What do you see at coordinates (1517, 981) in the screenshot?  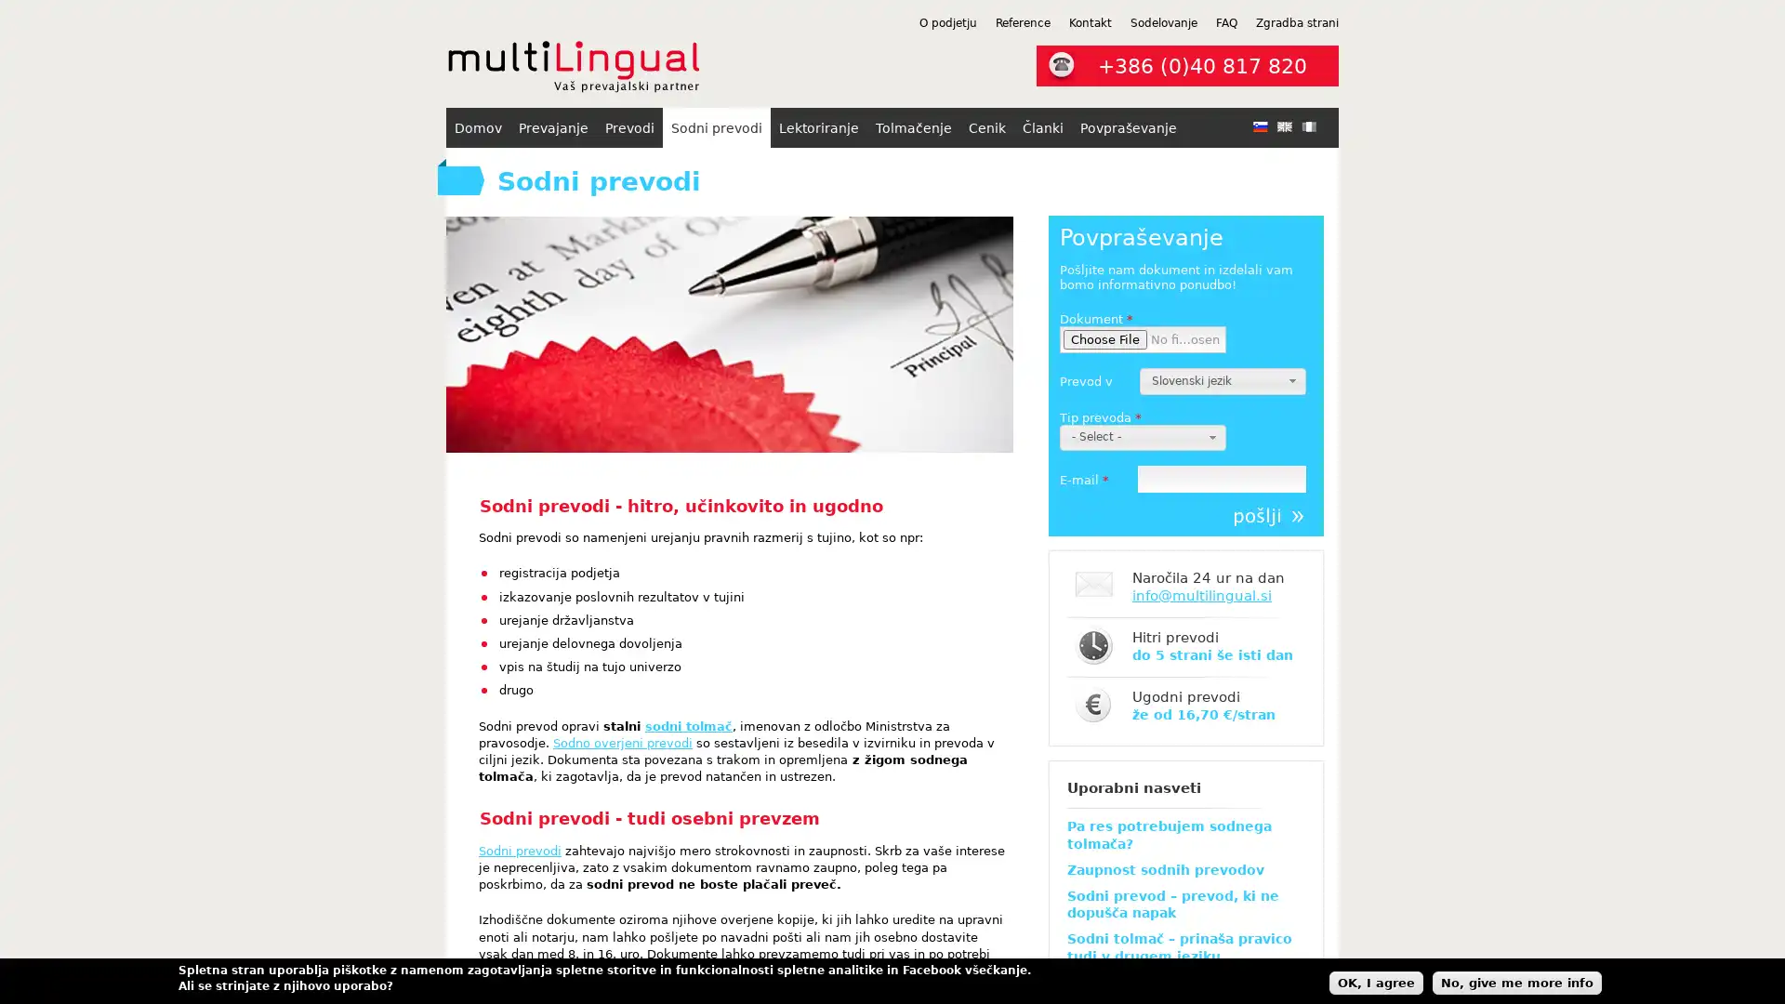 I see `No, give me more info` at bounding box center [1517, 981].